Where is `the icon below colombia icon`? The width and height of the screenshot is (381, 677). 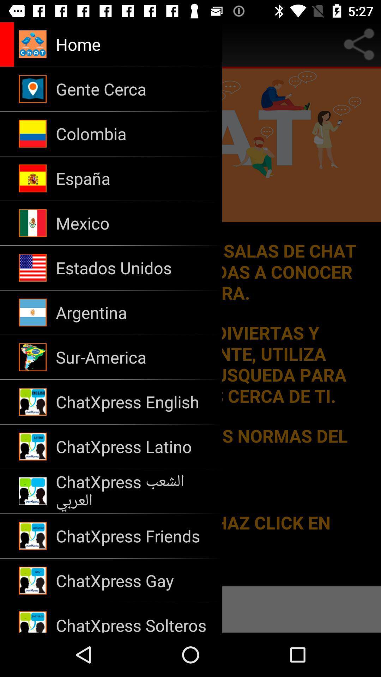
the icon below colombia icon is located at coordinates (134, 178).